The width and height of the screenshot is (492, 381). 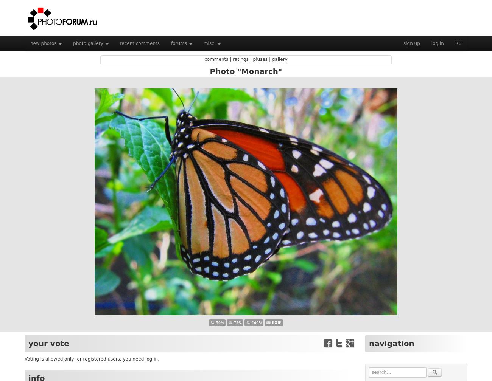 I want to click on 'registered', so click(x=94, y=359).